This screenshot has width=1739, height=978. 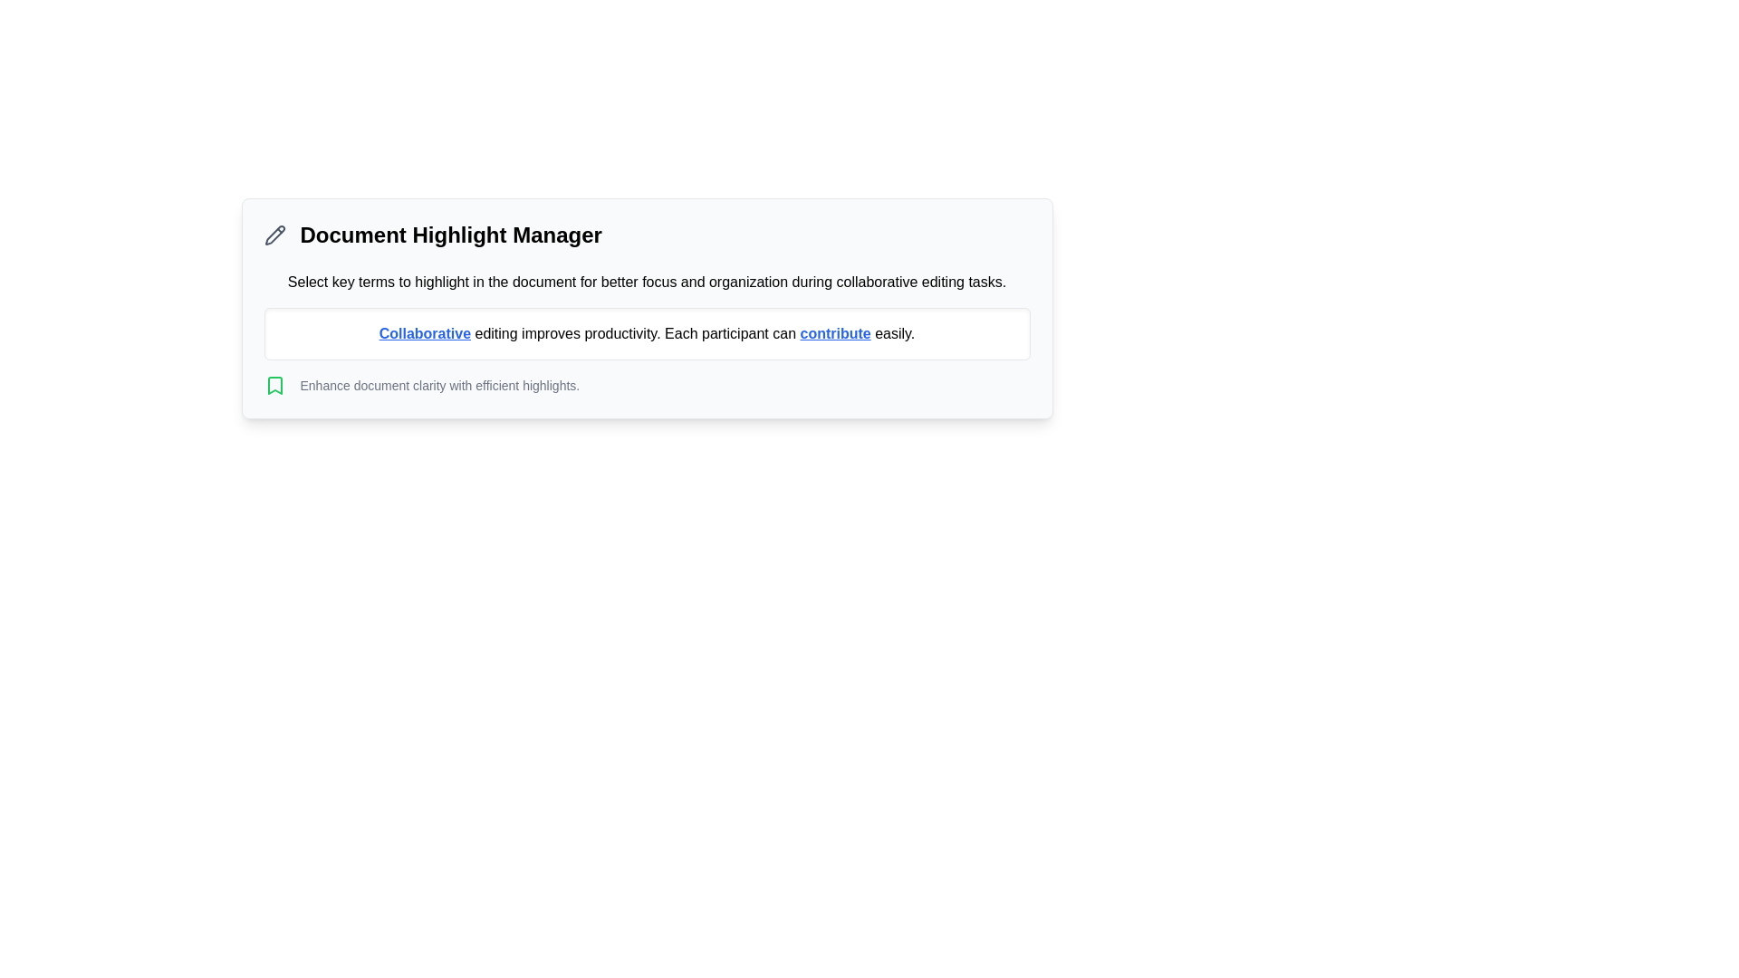 I want to click on editing functionality icon located within the SVG element, positioned slightly above and to the right of the text 'Collaborative editing improves productivity.', so click(x=274, y=234).